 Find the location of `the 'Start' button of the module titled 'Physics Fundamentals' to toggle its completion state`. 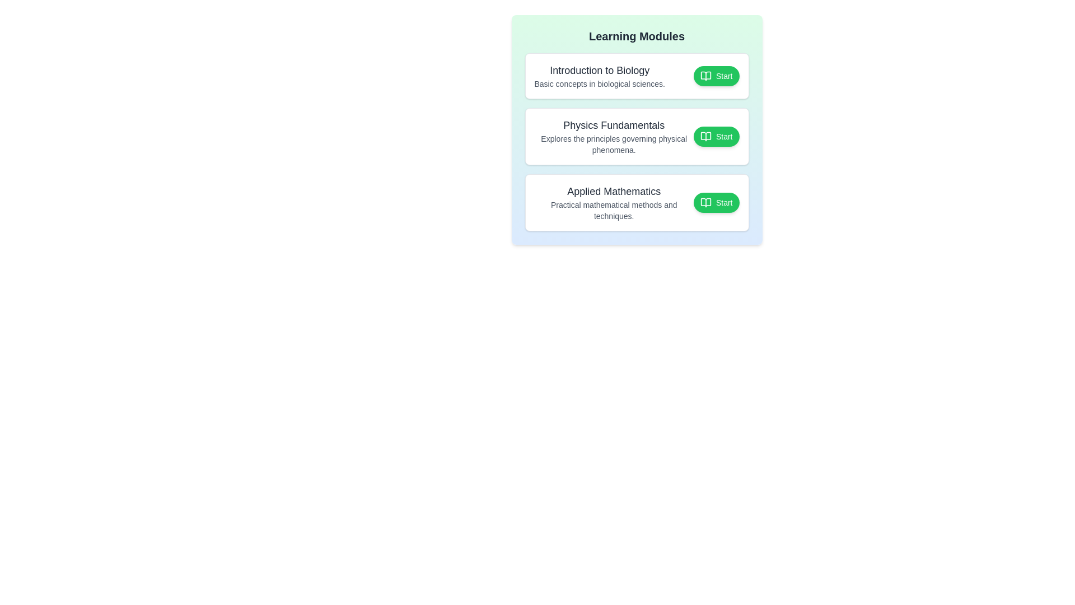

the 'Start' button of the module titled 'Physics Fundamentals' to toggle its completion state is located at coordinates (715, 136).